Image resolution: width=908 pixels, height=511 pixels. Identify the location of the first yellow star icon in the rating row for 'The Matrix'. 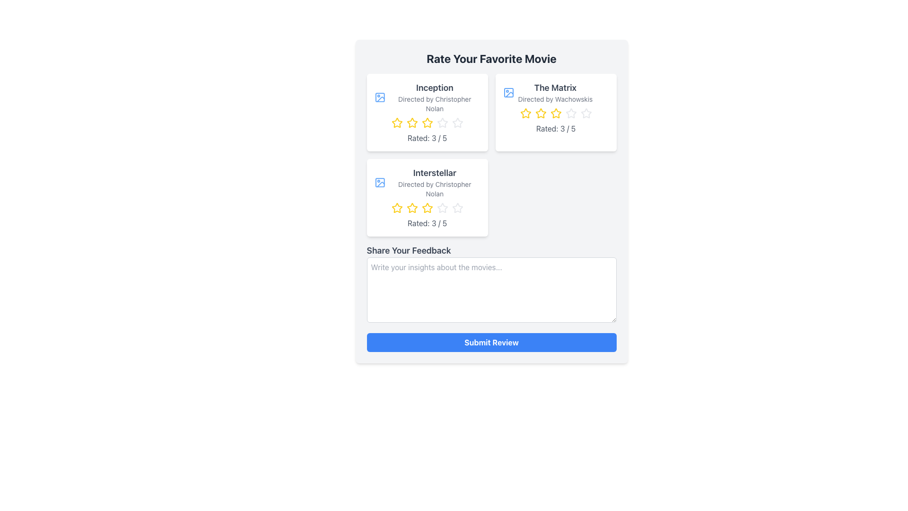
(525, 113).